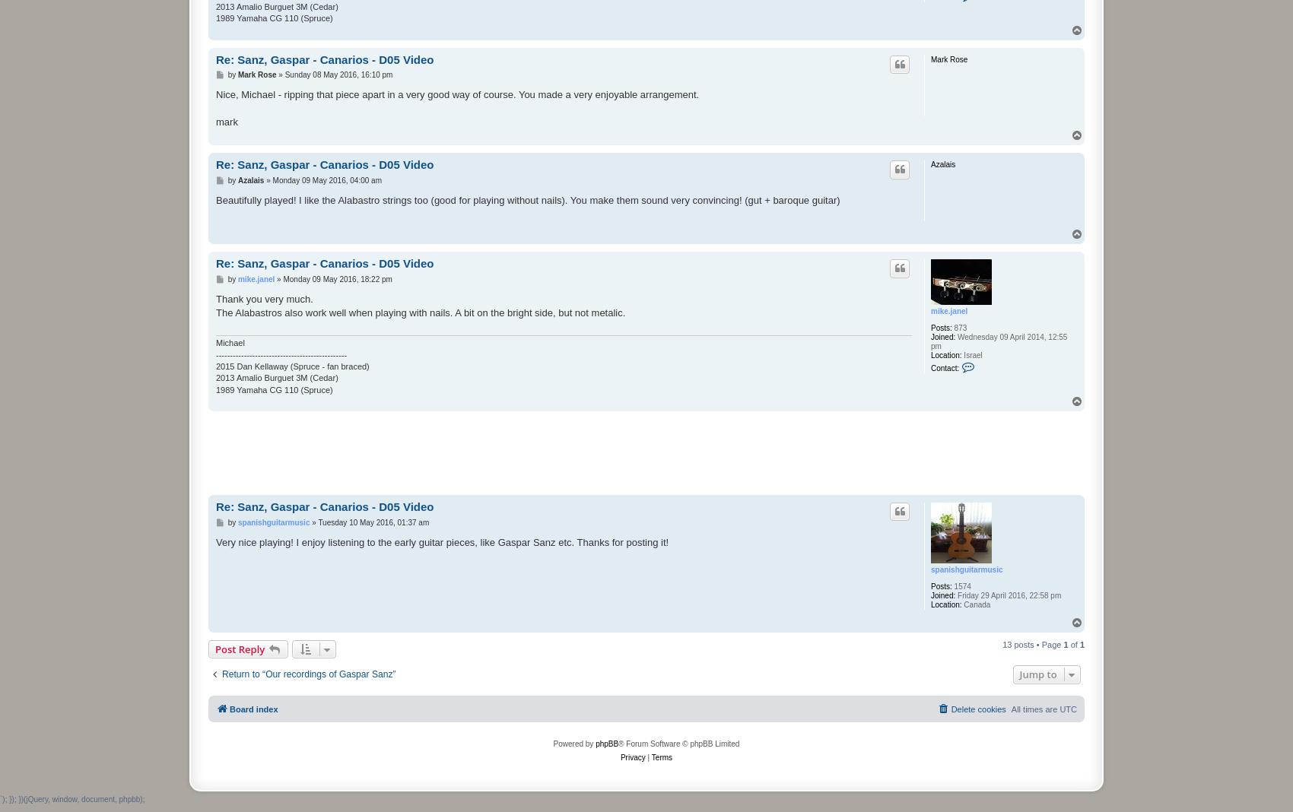  I want to click on 'Powered by', so click(573, 743).